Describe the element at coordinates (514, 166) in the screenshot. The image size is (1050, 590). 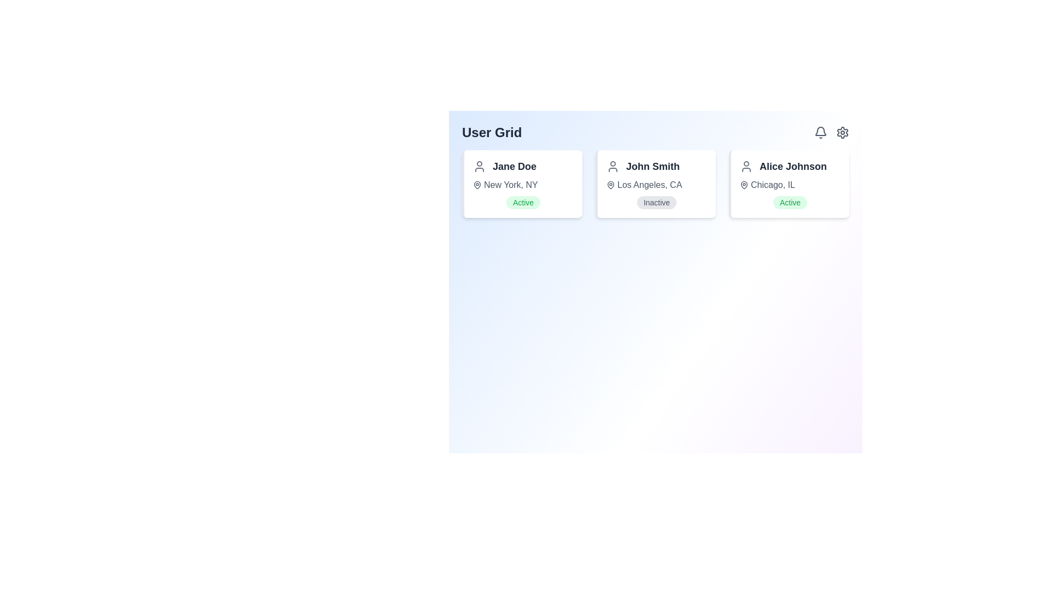
I see `the text label displaying 'Jane Doe' in bold, large-sized dark gray font, positioned at the top-center of the first card in the user grid` at that location.